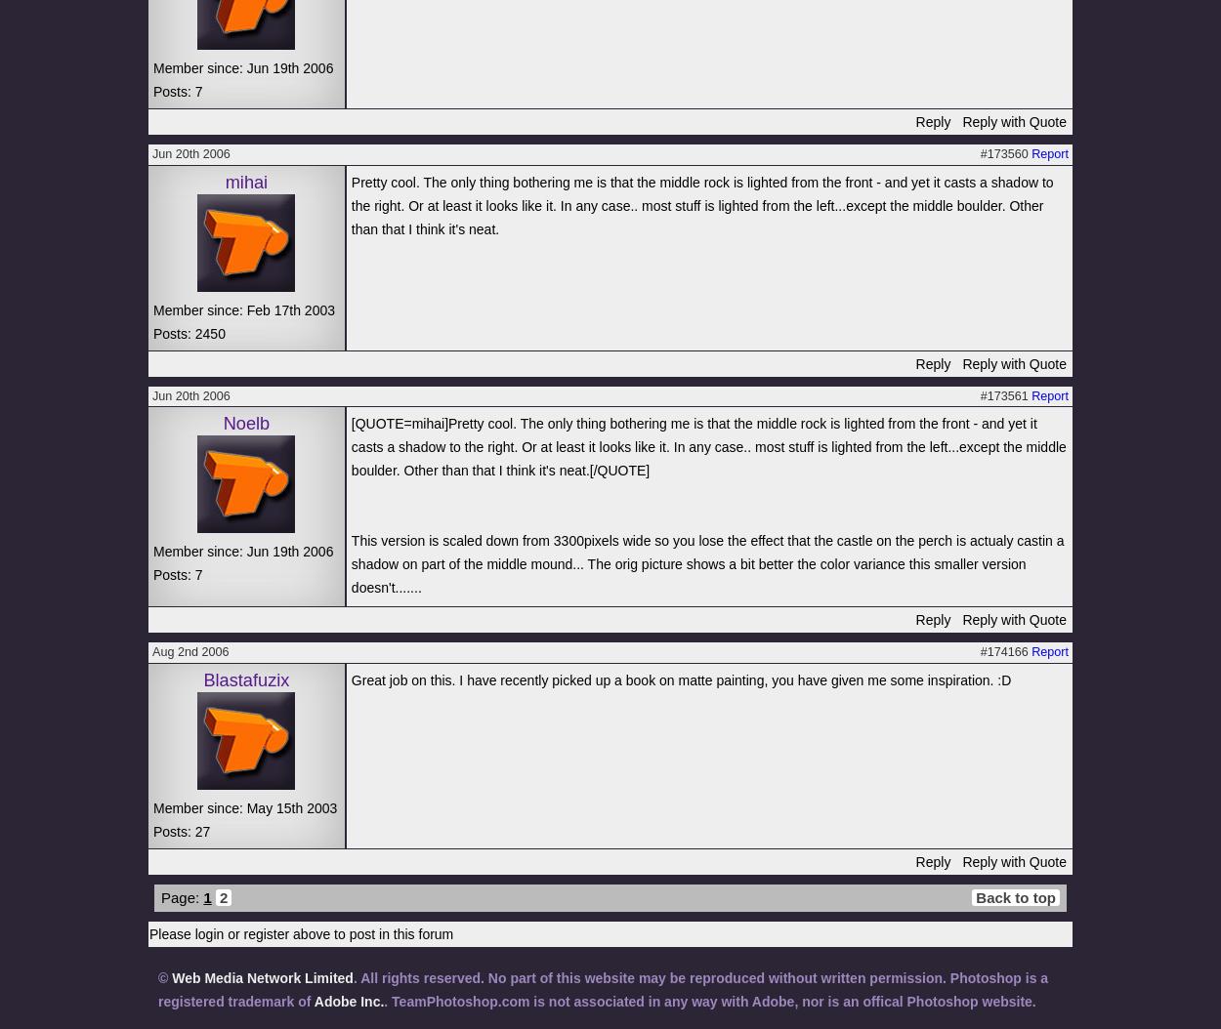  Describe the element at coordinates (189, 652) in the screenshot. I see `'Aug 2nd 2006'` at that location.